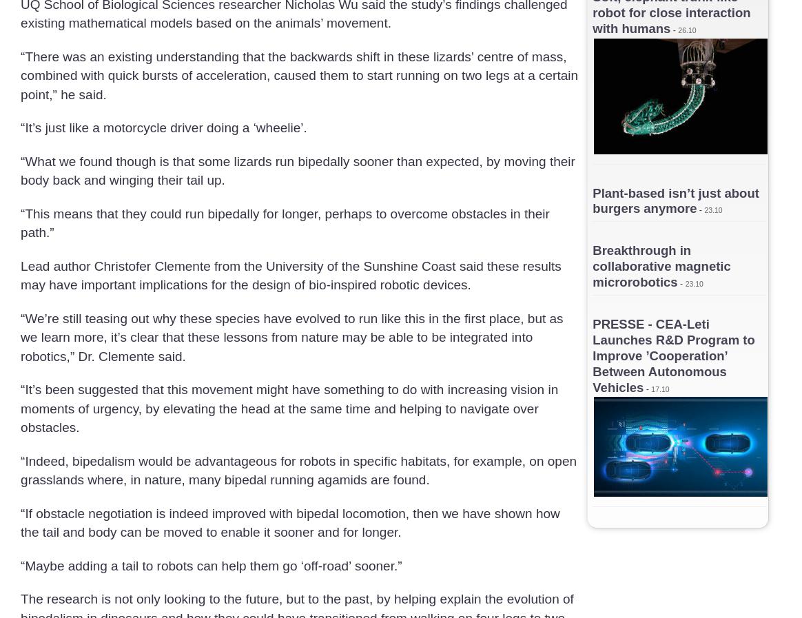  Describe the element at coordinates (285, 222) in the screenshot. I see `'“This means that they could run bipedally for longer, perhaps to overcome obstacles in their path.”'` at that location.